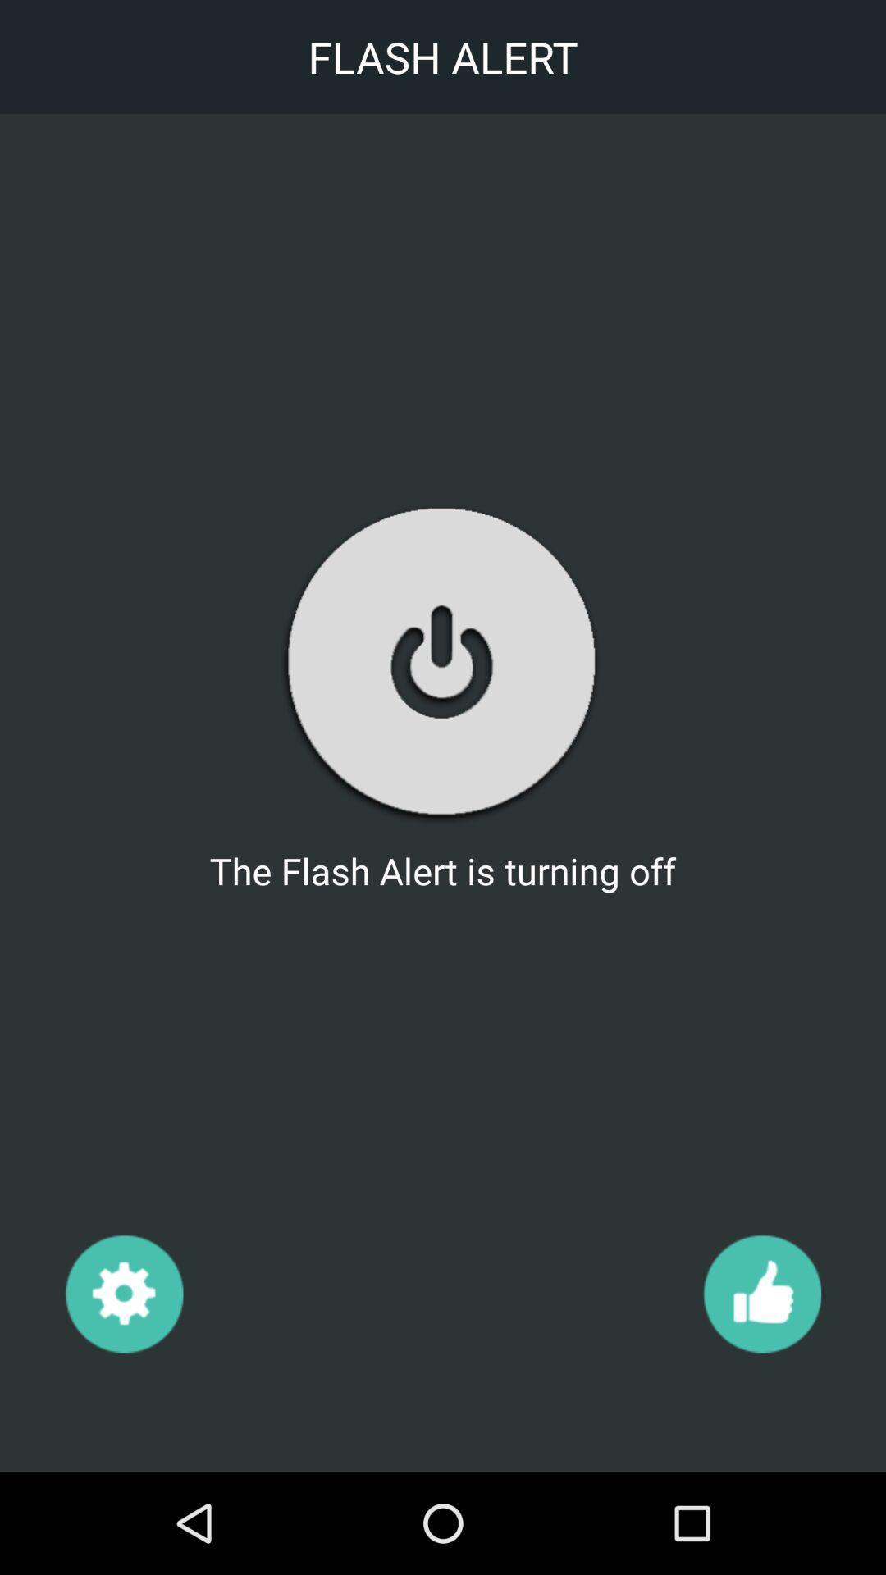  What do you see at coordinates (761, 1292) in the screenshot?
I see `like this` at bounding box center [761, 1292].